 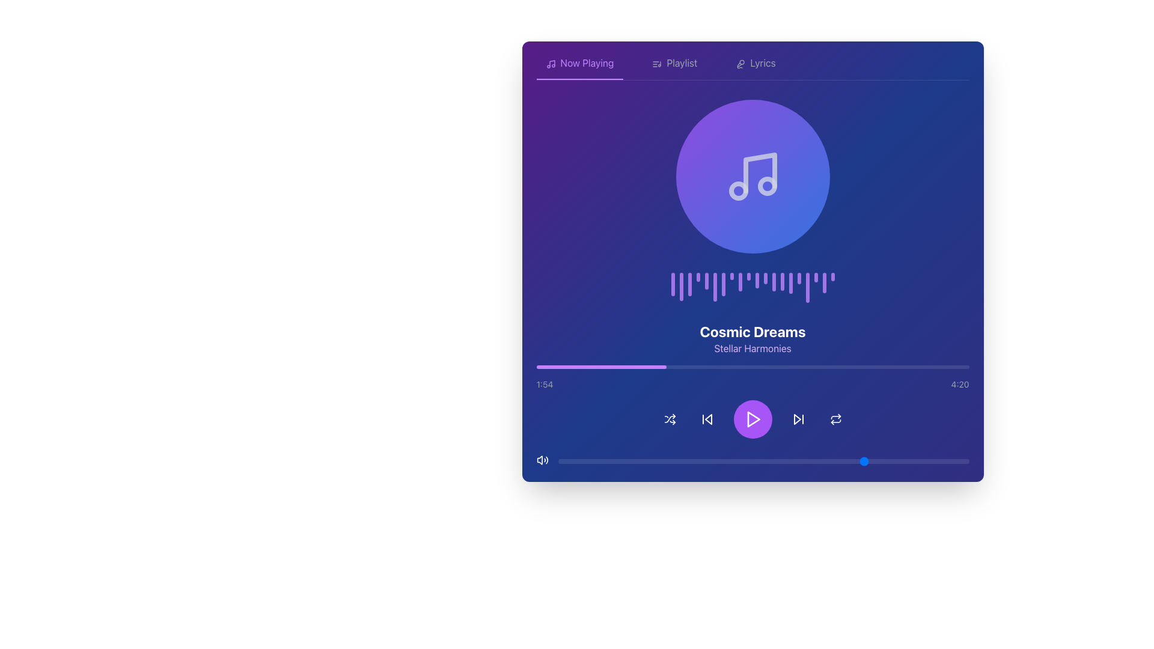 What do you see at coordinates (672, 284) in the screenshot?
I see `the first purple decorative bar in the horizontal series, which serves as a visual indicator, positioned below a circular icon and text` at bounding box center [672, 284].